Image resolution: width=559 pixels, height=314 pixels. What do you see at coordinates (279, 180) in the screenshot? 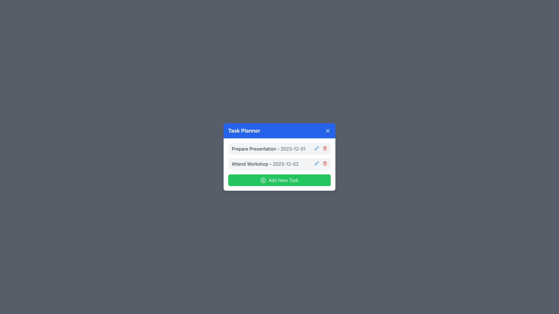
I see `the 'Add New Task' button, which is a rectangular button with rounded corners and a green background, located at the bottom of the task management panel` at bounding box center [279, 180].